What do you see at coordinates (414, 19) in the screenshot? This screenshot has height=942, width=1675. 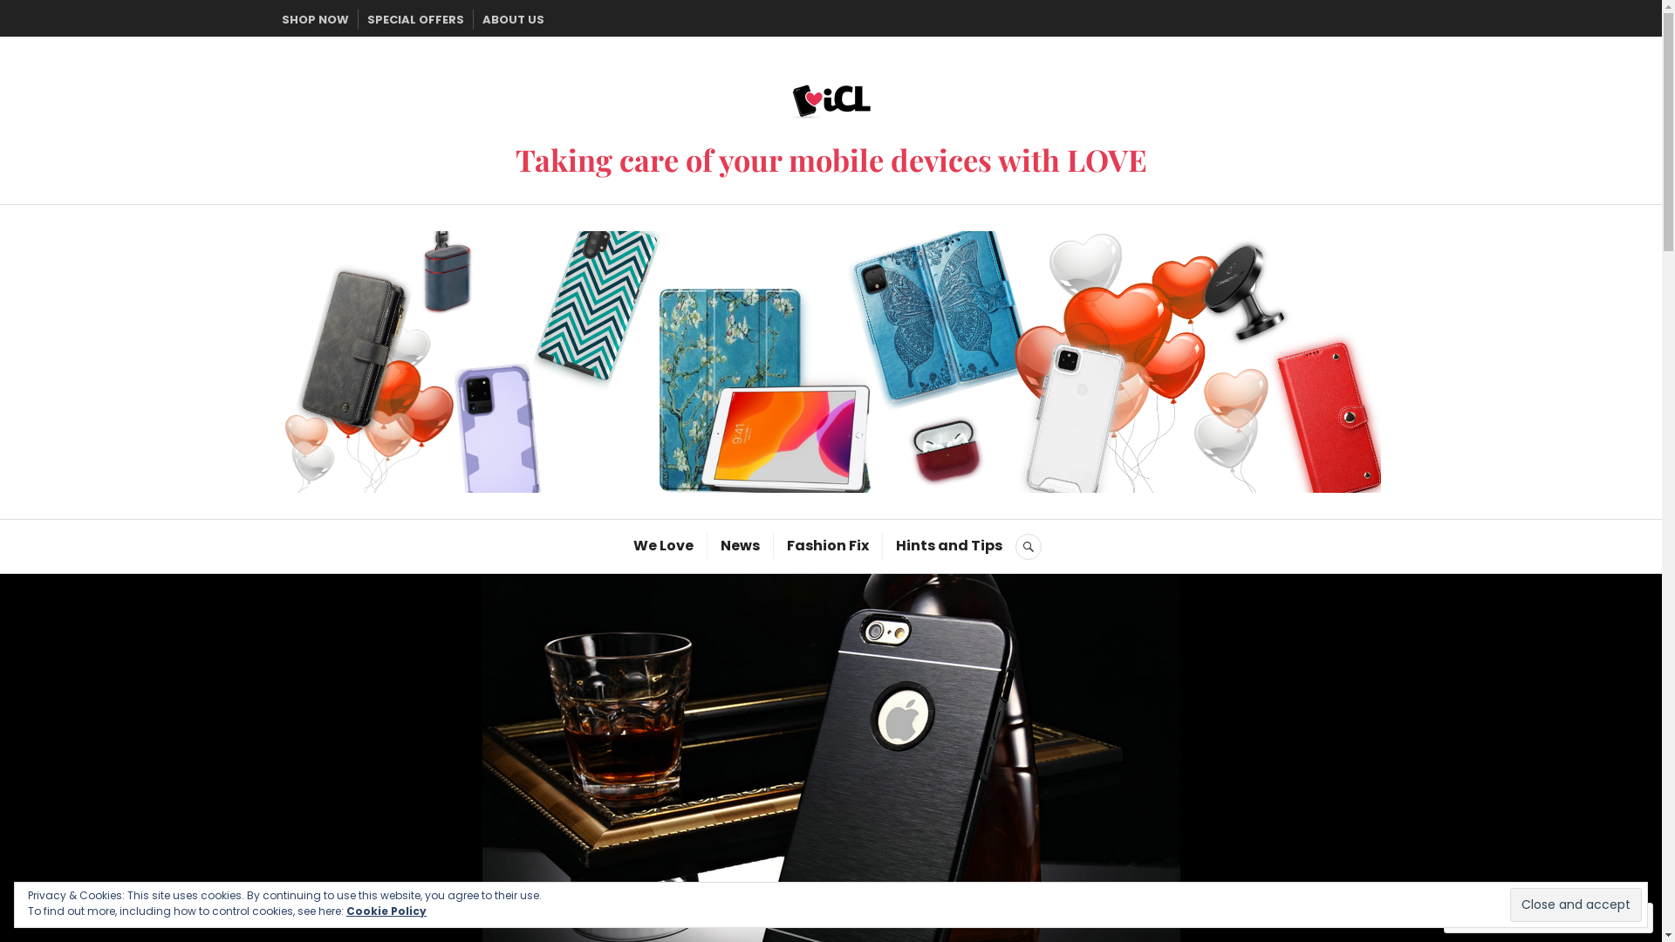 I see `'SPECIAL OFFERS'` at bounding box center [414, 19].